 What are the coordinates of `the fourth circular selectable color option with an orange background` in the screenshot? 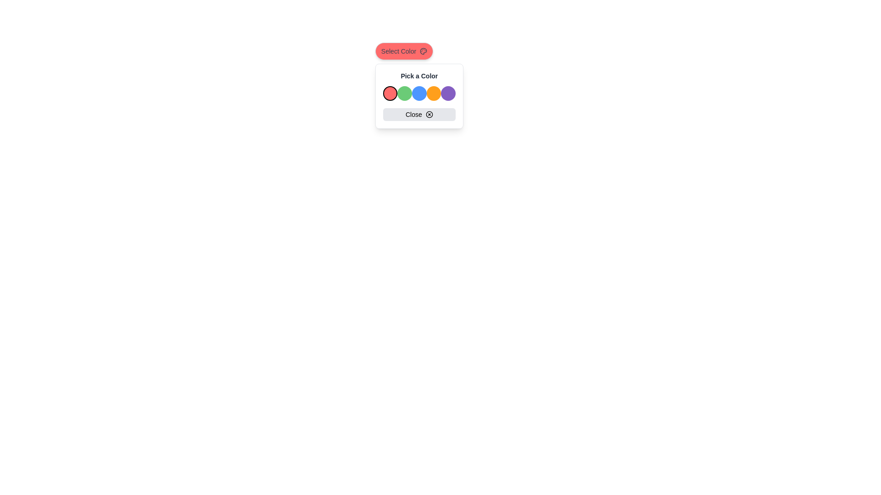 It's located at (433, 93).